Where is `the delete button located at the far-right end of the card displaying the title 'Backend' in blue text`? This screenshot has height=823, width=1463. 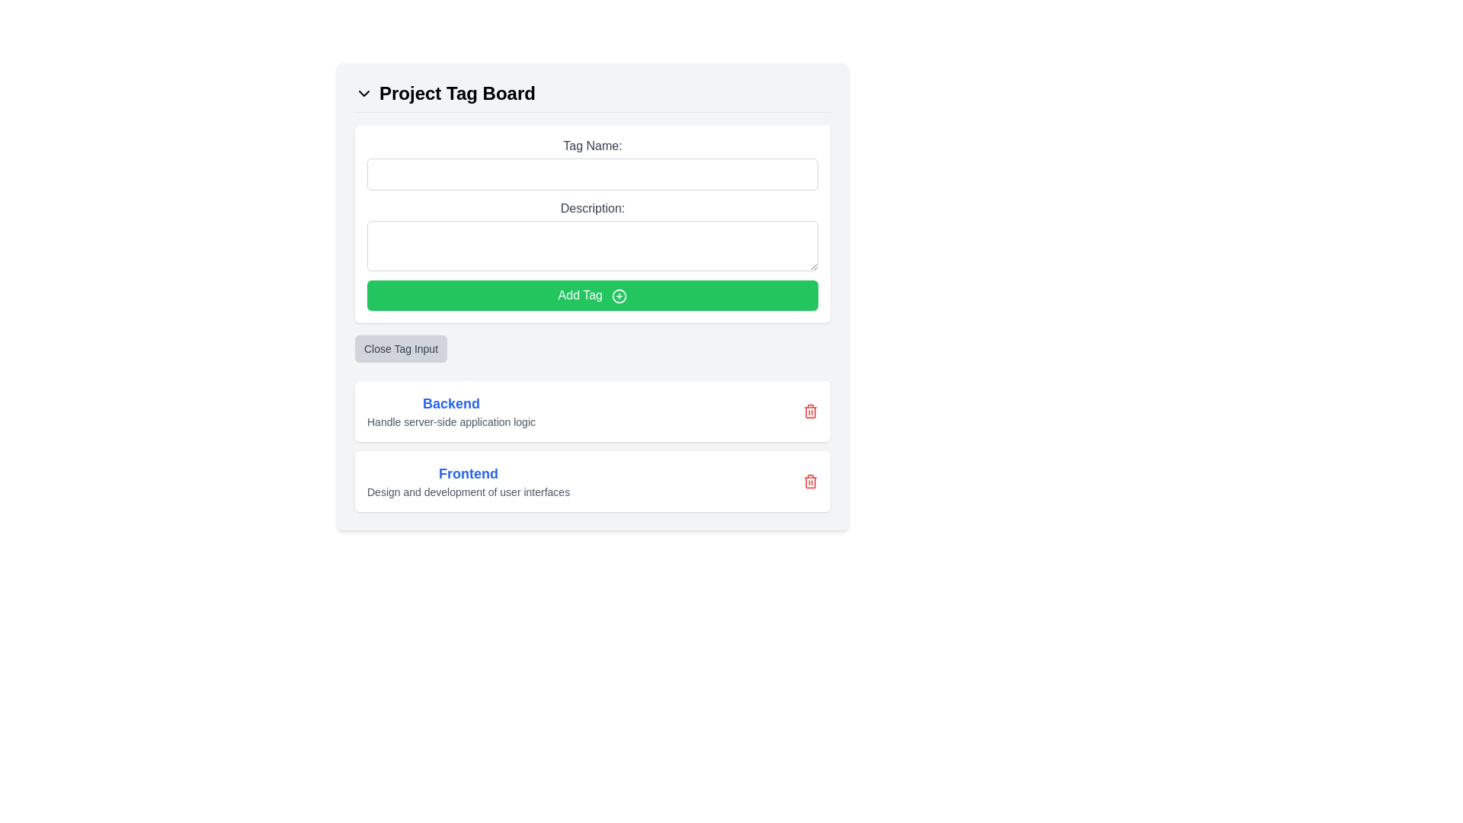 the delete button located at the far-right end of the card displaying the title 'Backend' in blue text is located at coordinates (810, 411).